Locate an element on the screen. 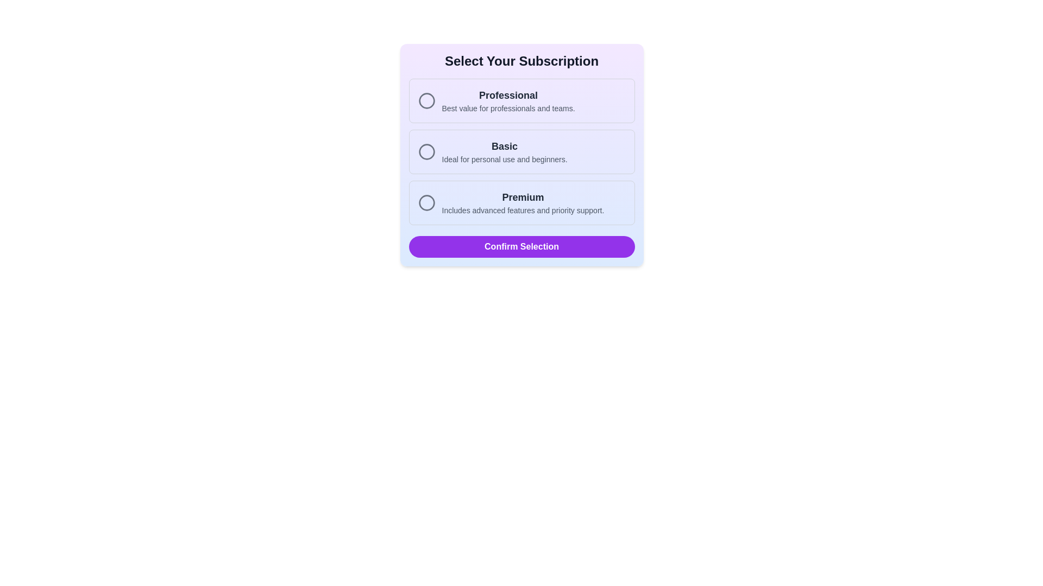 The image size is (1043, 586). the label displaying 'Professional' and 'Best value for professionals and teams.' located in the second row of the subscription options list, to the right of the circular radio button is located at coordinates (508, 100).